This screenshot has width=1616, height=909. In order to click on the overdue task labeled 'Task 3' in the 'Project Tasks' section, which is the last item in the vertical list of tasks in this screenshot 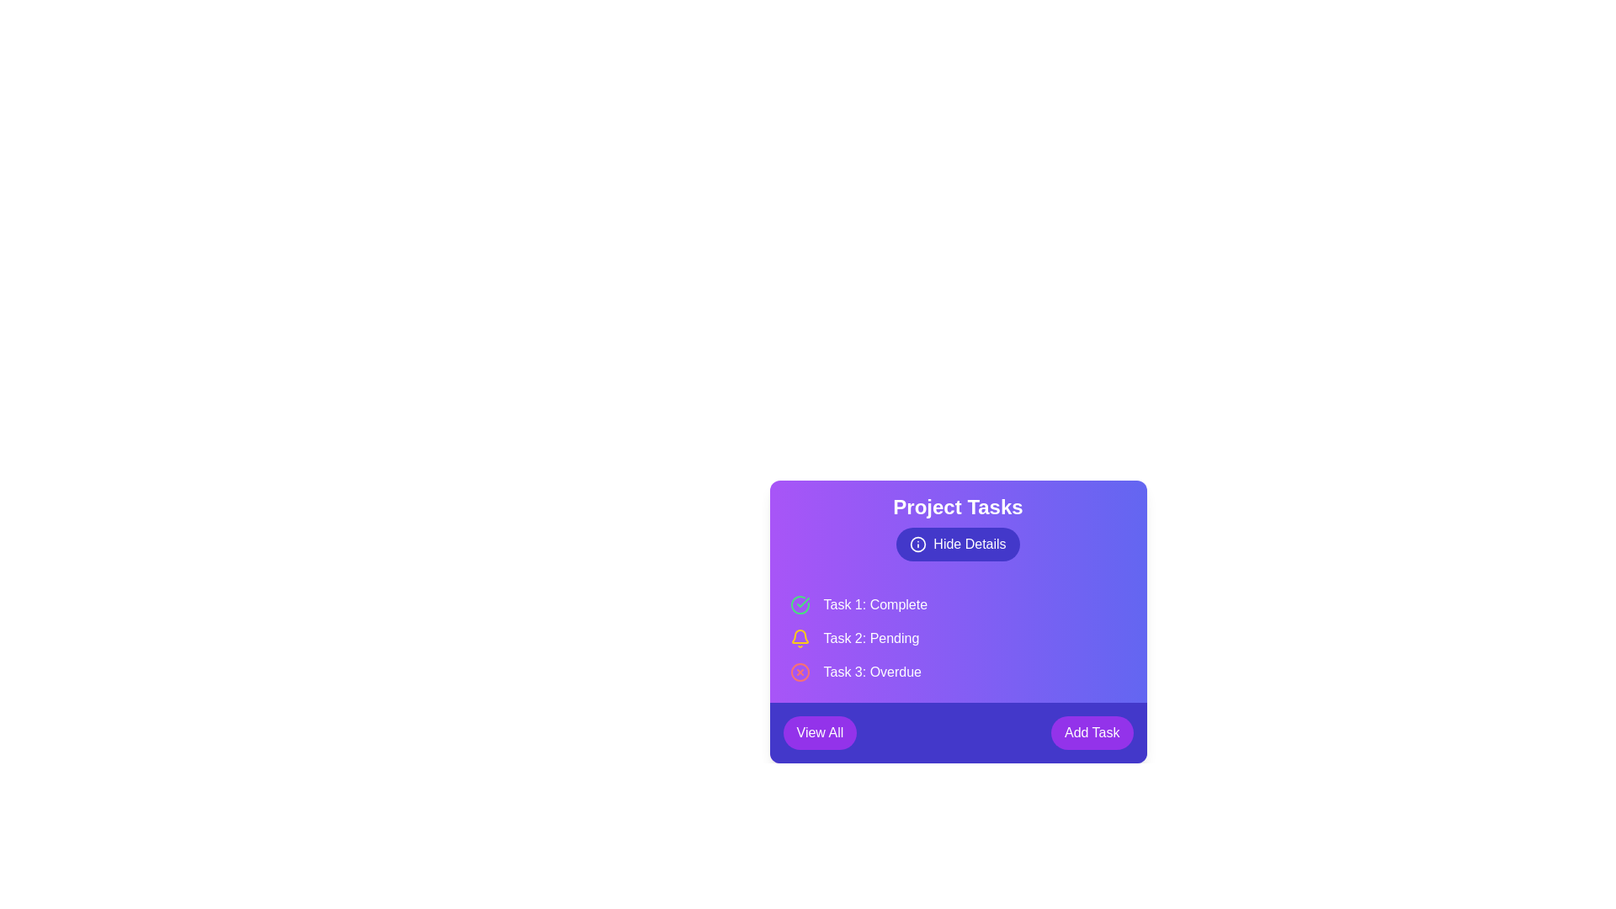, I will do `click(958, 671)`.